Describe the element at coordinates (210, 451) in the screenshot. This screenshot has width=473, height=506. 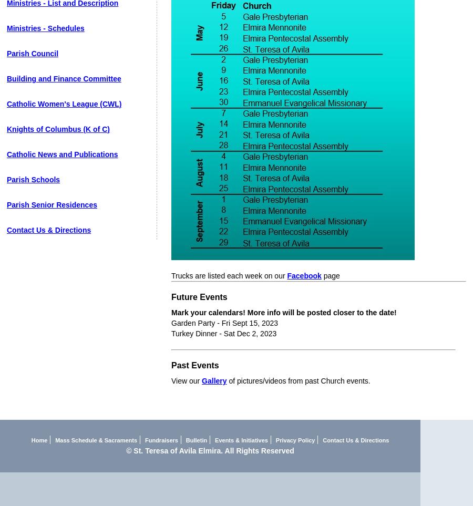
I see `'© St. Teresa of Avila Elmira. All Rights Reserved'` at that location.